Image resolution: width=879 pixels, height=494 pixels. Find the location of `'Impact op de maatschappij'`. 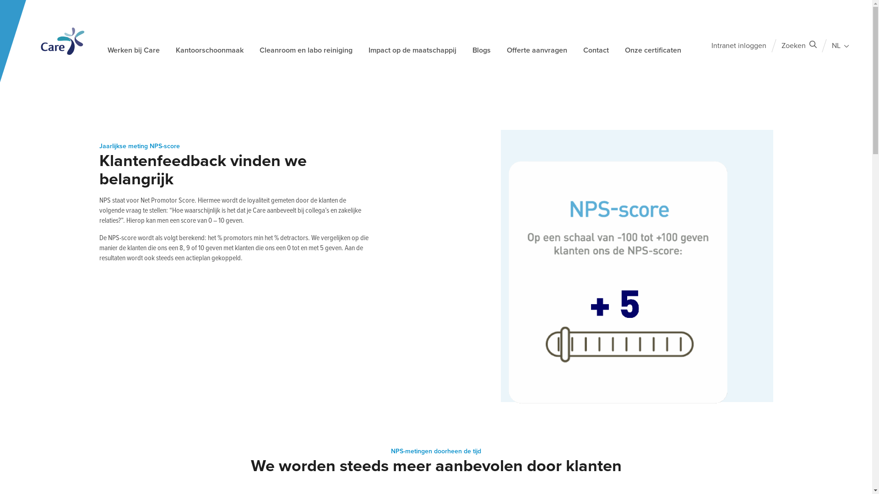

'Impact op de maatschappij' is located at coordinates (412, 53).